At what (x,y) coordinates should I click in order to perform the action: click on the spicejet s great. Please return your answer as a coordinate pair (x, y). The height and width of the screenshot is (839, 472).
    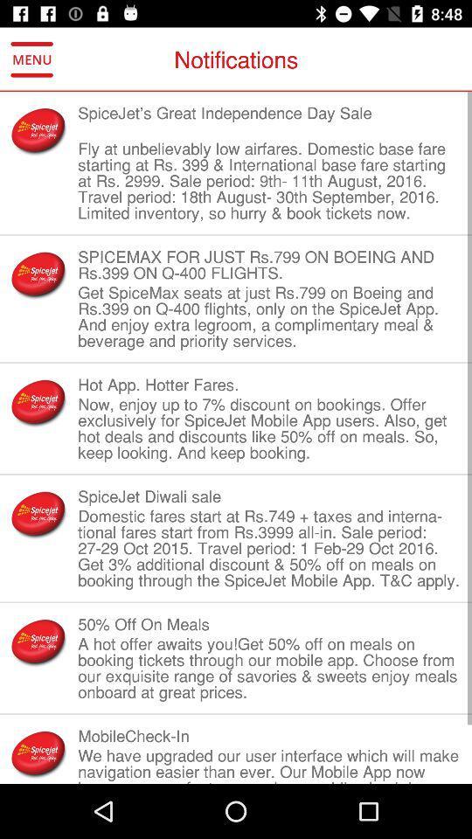
    Looking at the image, I should click on (269, 120).